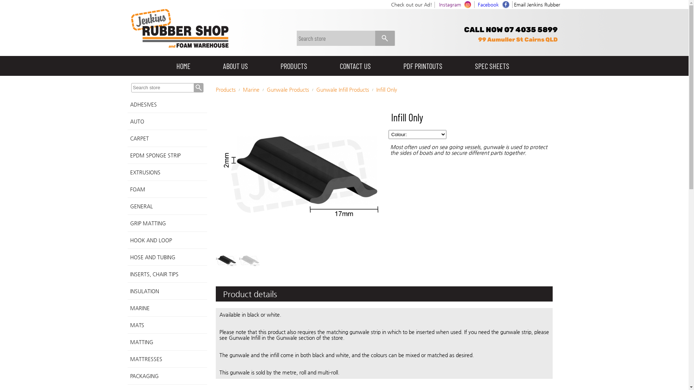 The height and width of the screenshot is (390, 694). What do you see at coordinates (166, 291) in the screenshot?
I see `'INSULATION'` at bounding box center [166, 291].